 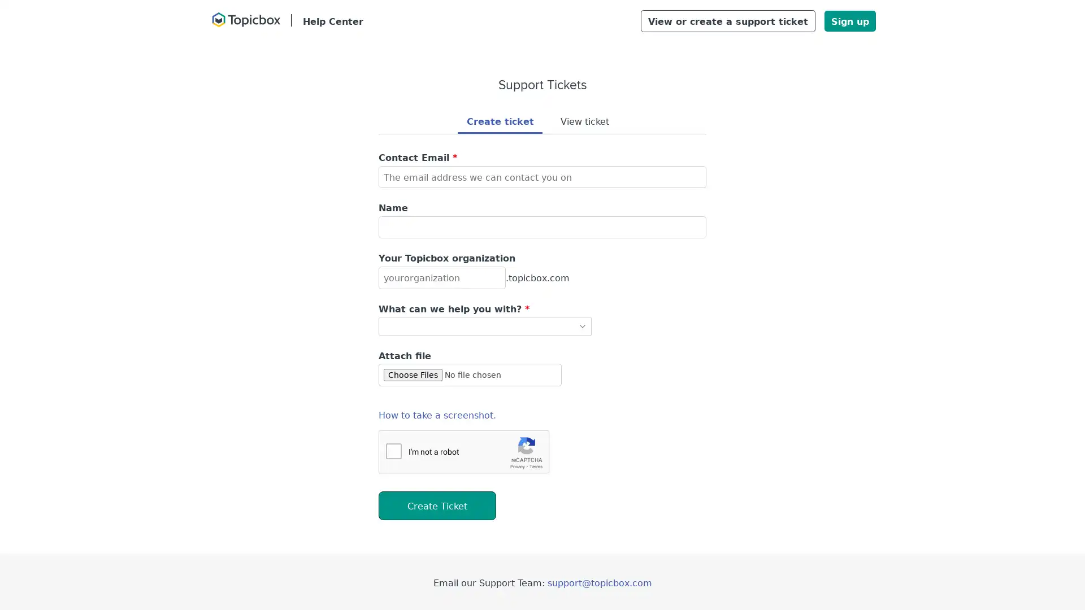 I want to click on Create Ticket, so click(x=436, y=504).